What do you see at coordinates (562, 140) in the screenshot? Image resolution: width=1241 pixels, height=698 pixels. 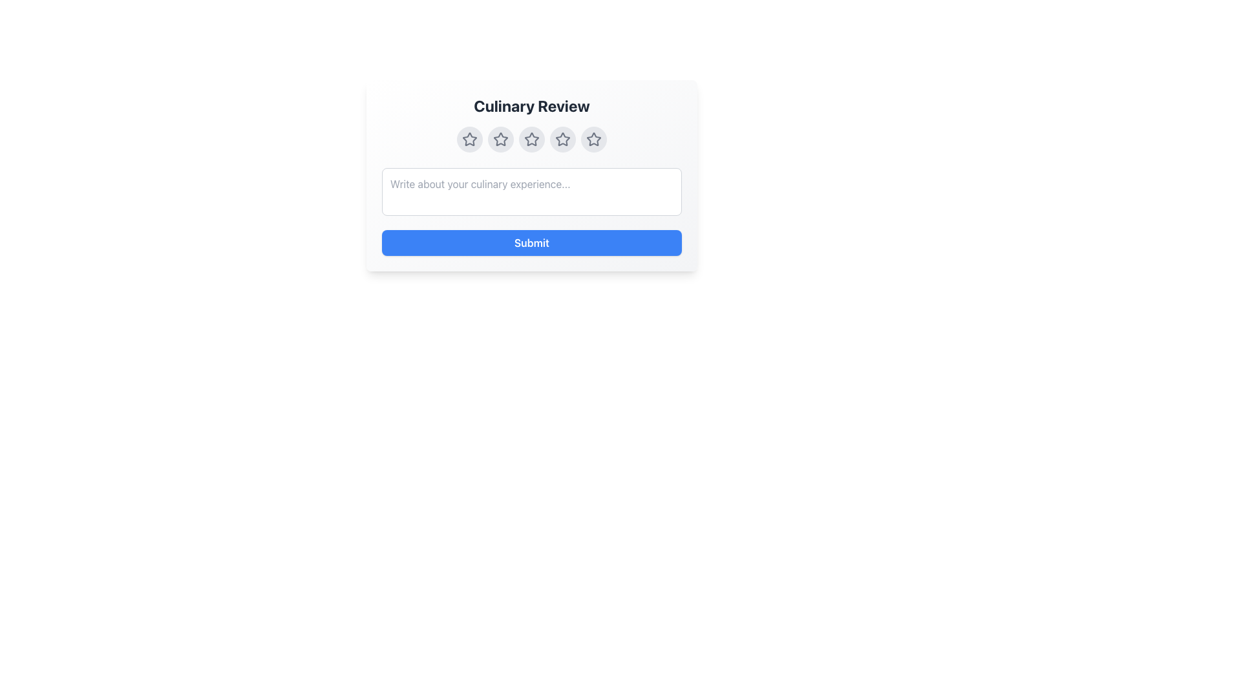 I see `the fourth star rating button in the group of five for keyboard interaction` at bounding box center [562, 140].